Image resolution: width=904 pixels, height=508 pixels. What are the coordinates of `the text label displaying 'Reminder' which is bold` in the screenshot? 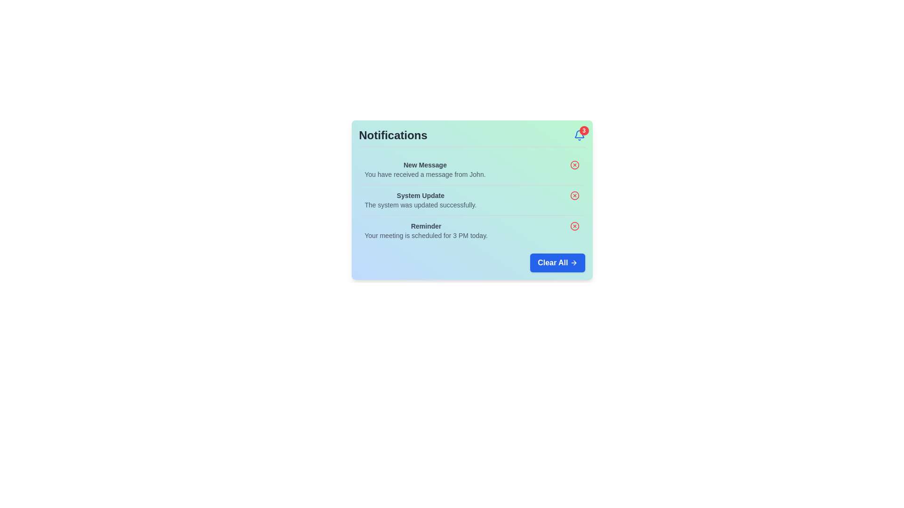 It's located at (426, 226).